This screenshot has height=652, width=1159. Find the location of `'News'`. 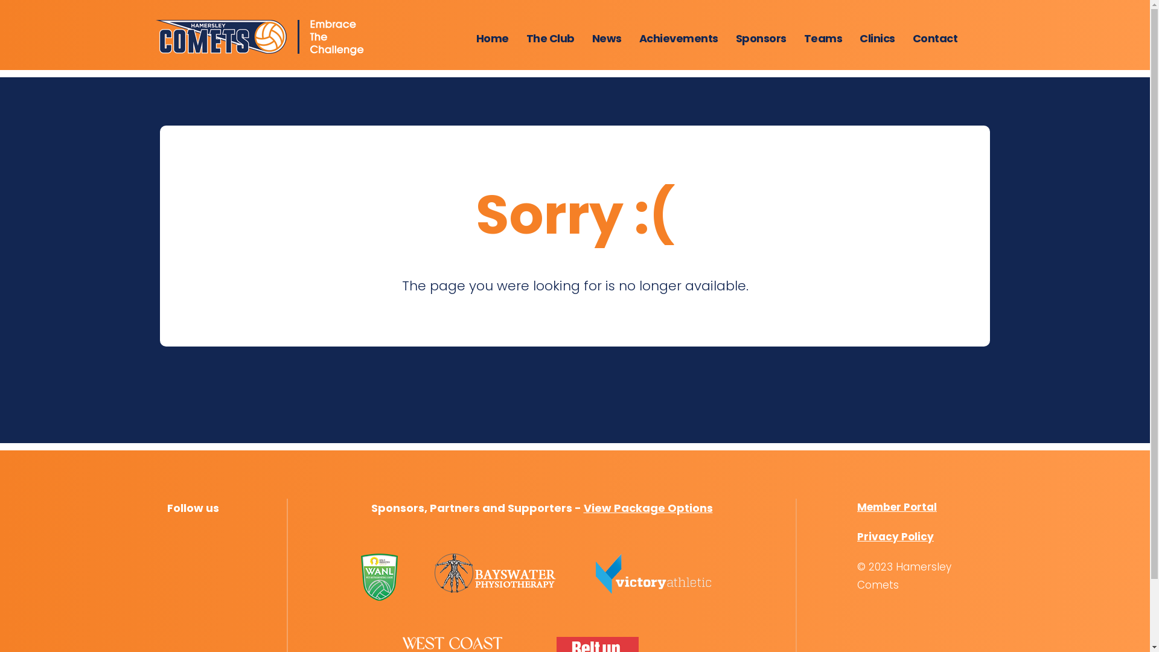

'News' is located at coordinates (606, 37).